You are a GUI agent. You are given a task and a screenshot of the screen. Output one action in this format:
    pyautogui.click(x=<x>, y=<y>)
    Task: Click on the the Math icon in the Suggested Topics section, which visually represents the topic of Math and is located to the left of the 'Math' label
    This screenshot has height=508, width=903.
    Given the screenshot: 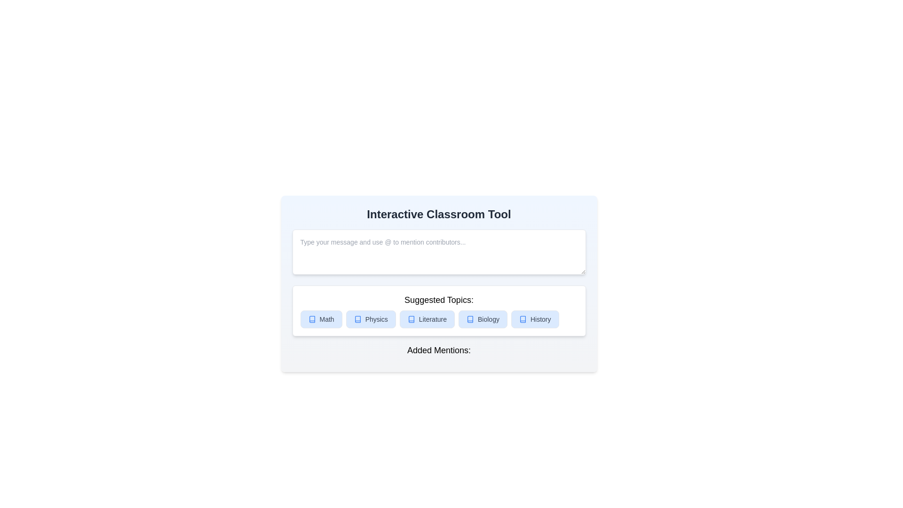 What is the action you would take?
    pyautogui.click(x=312, y=318)
    